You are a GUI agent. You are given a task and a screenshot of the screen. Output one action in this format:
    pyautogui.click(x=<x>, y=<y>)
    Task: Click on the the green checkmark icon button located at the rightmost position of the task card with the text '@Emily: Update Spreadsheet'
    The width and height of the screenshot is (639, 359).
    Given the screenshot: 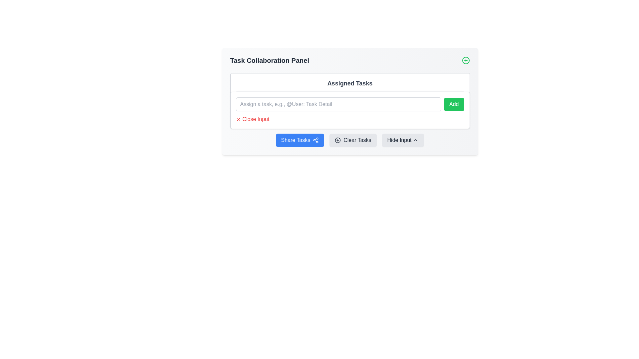 What is the action you would take?
    pyautogui.click(x=456, y=113)
    